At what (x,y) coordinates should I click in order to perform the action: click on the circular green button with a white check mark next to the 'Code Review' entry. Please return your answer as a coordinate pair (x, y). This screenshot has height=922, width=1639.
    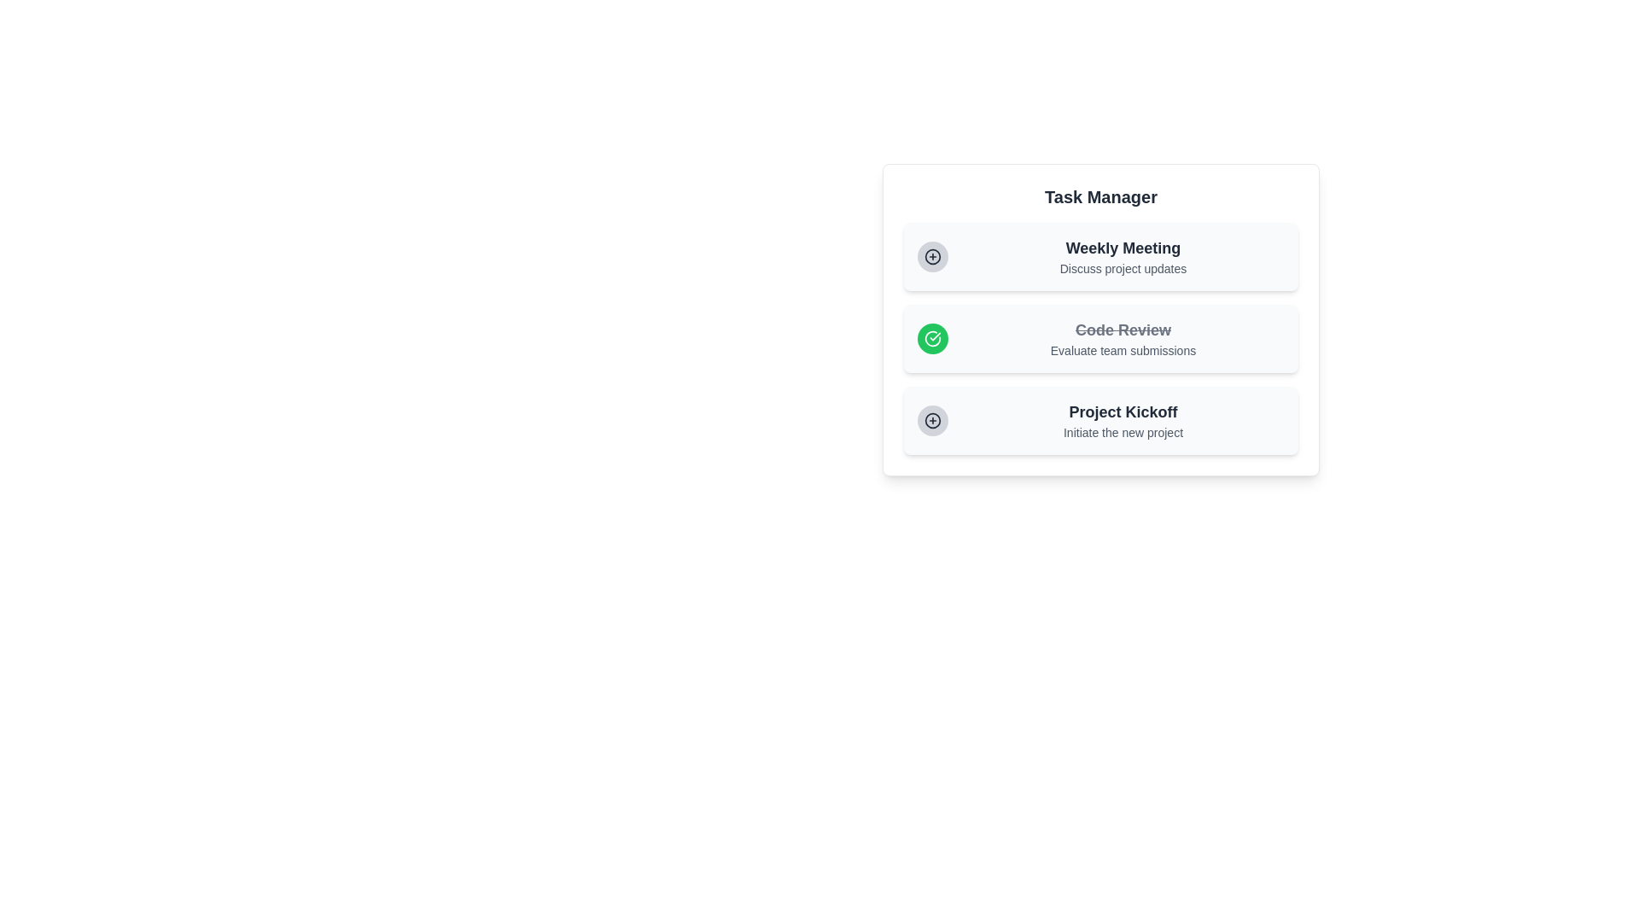
    Looking at the image, I should click on (932, 339).